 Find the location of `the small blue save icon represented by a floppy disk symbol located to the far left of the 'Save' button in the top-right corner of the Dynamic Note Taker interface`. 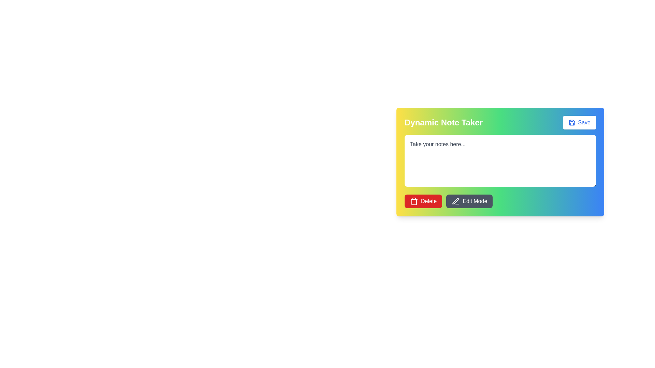

the small blue save icon represented by a floppy disk symbol located to the far left of the 'Save' button in the top-right corner of the Dynamic Note Taker interface is located at coordinates (572, 122).